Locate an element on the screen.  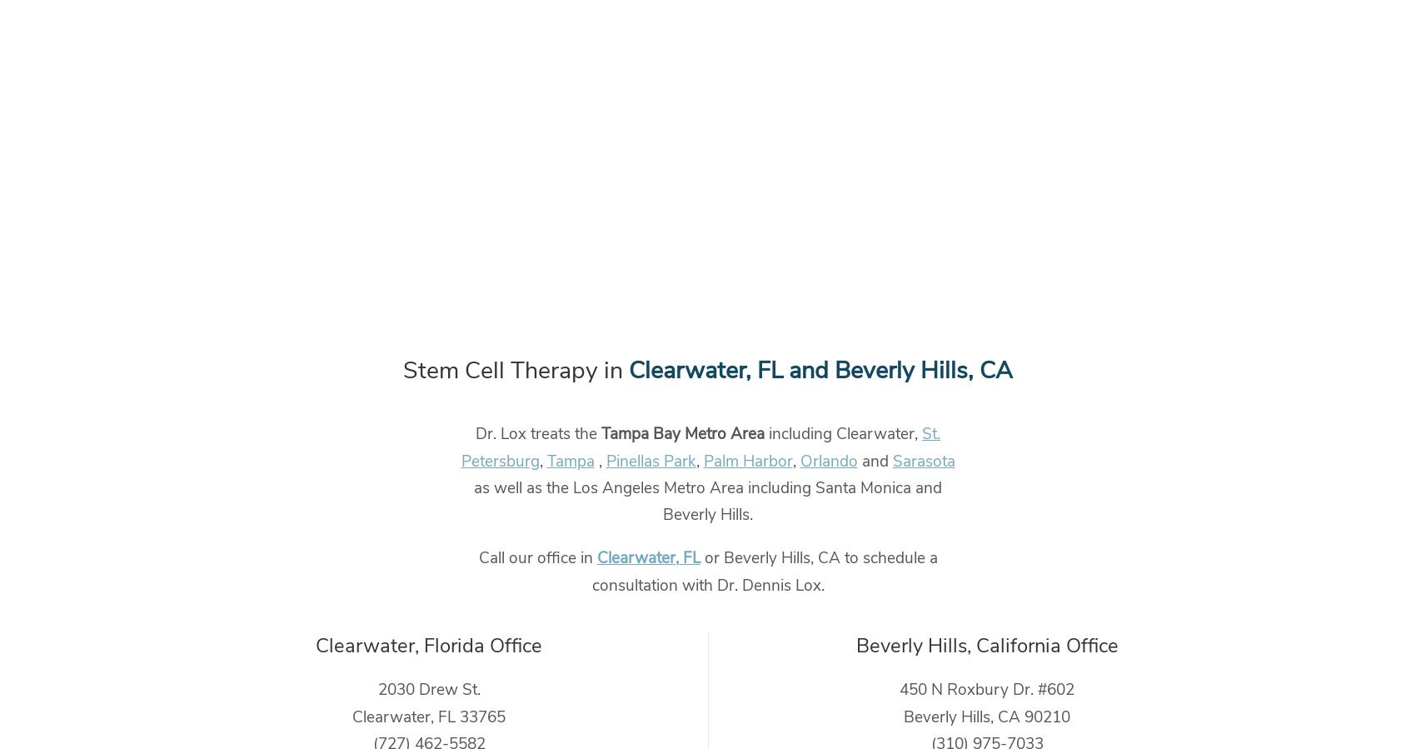
'Pinellas Park' is located at coordinates (649, 460).